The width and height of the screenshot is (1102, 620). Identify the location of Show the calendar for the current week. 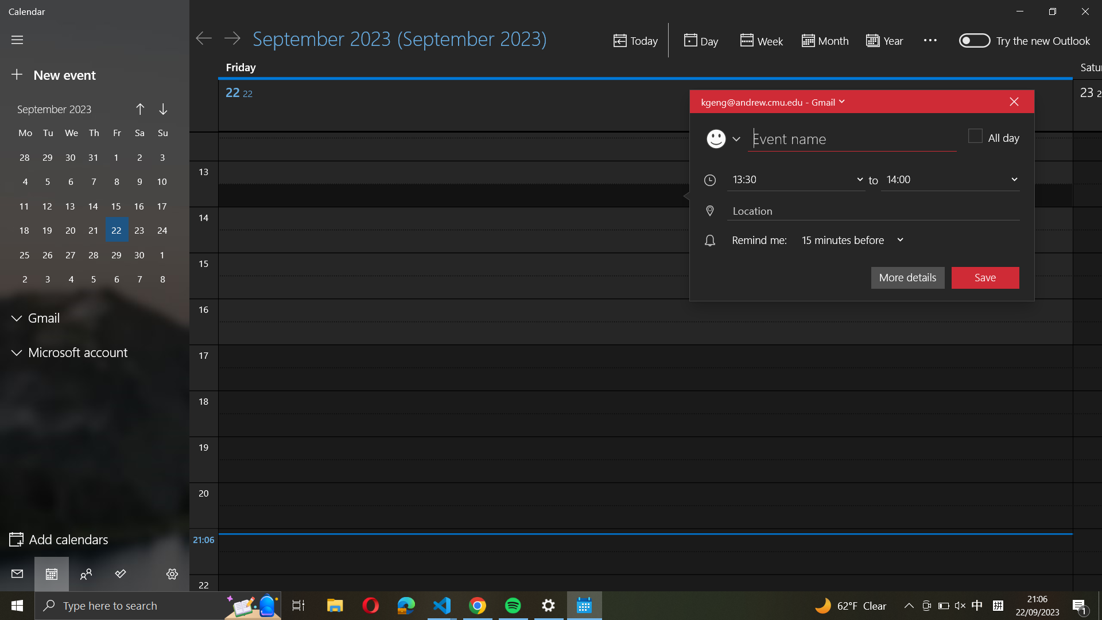
(760, 40).